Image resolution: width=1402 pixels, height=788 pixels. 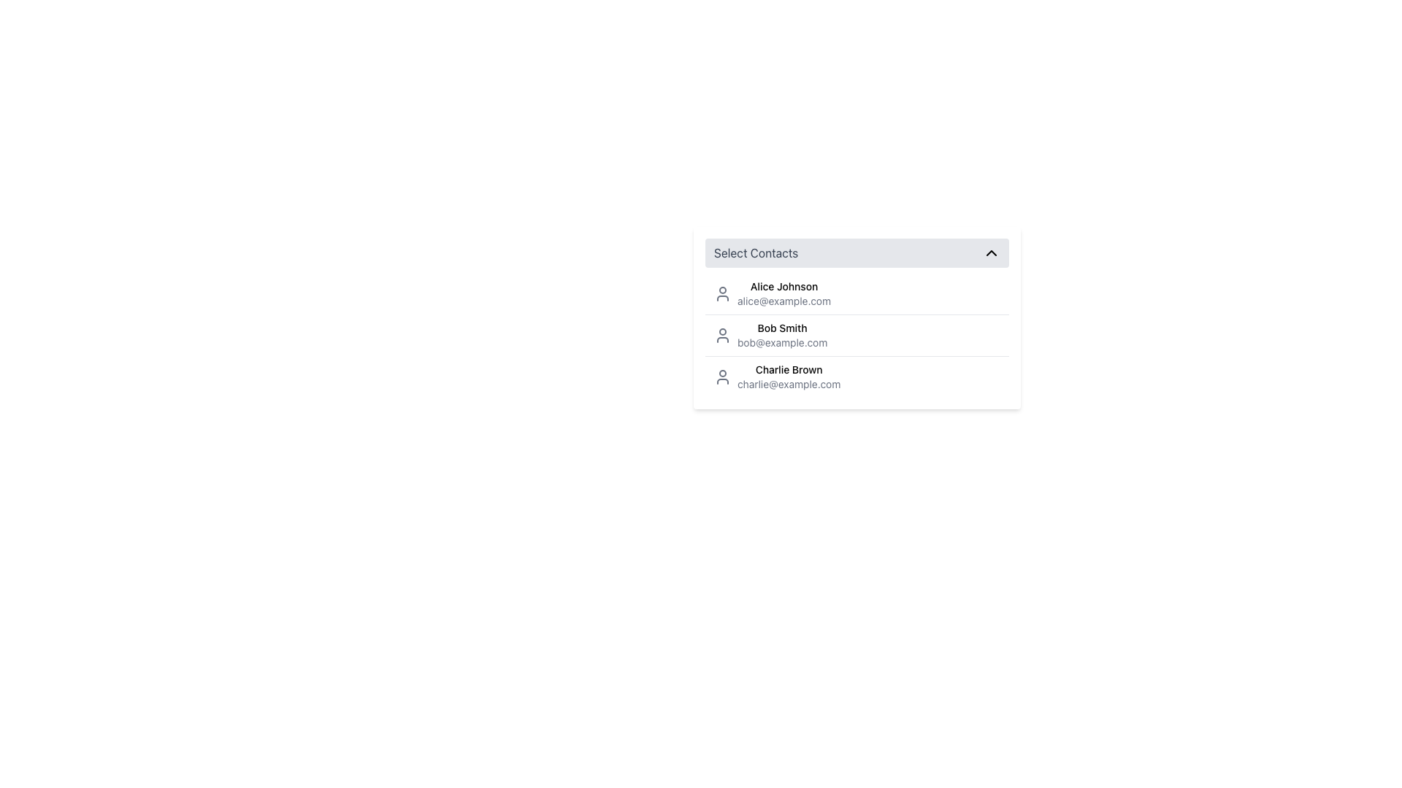 I want to click on the first list item displaying 'Alice Johnson' and 'alice@example.com', so click(x=784, y=293).